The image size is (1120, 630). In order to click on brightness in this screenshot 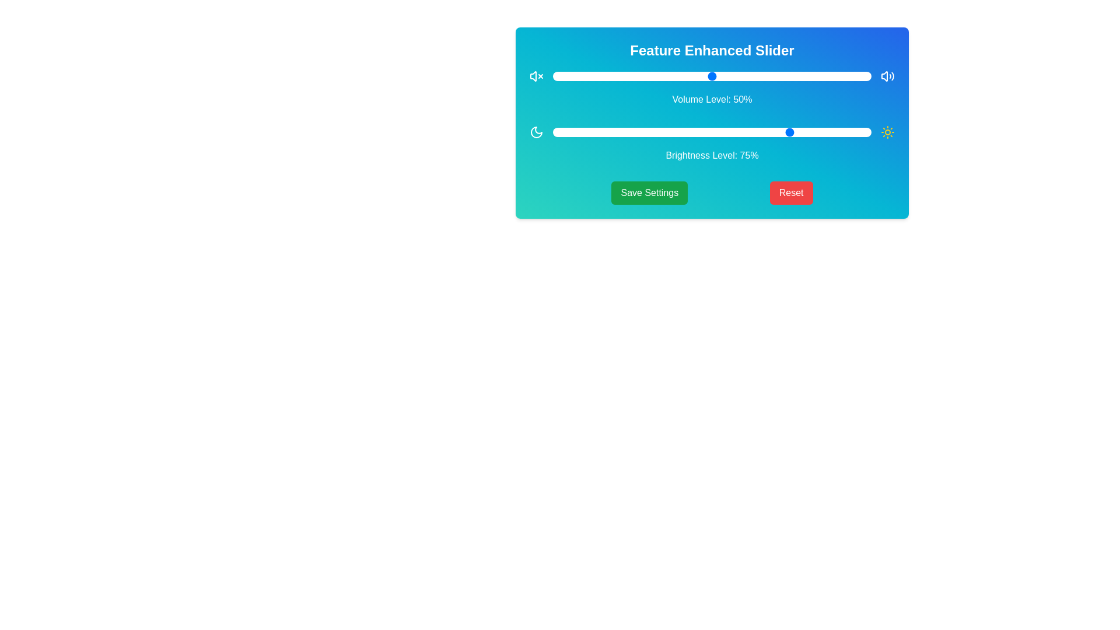, I will do `click(807, 132)`.